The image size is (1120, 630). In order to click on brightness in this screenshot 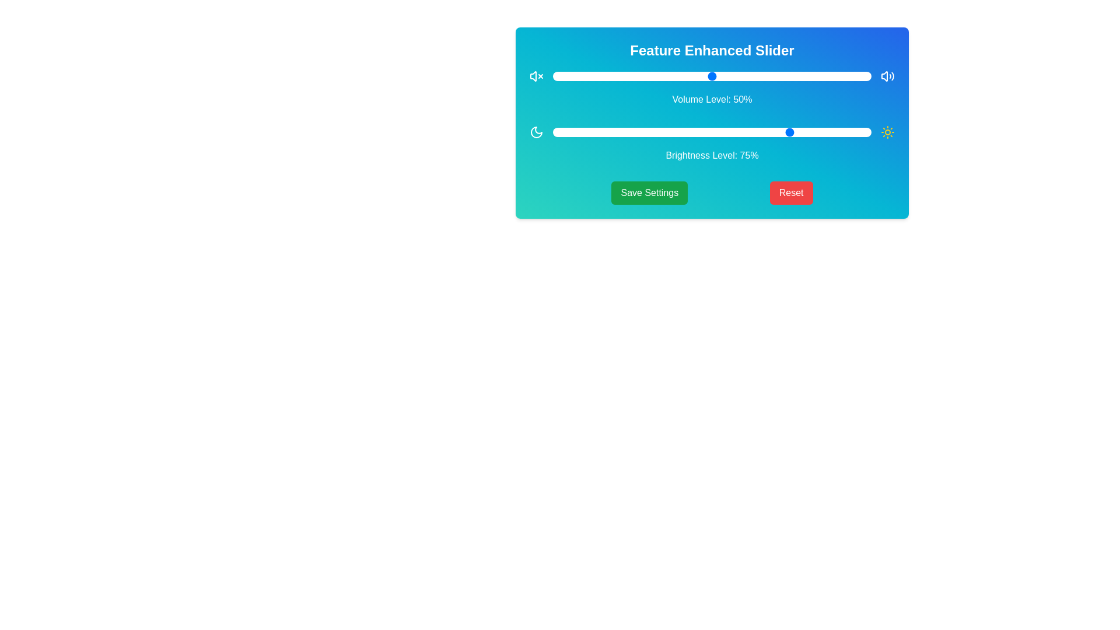, I will do `click(807, 132)`.